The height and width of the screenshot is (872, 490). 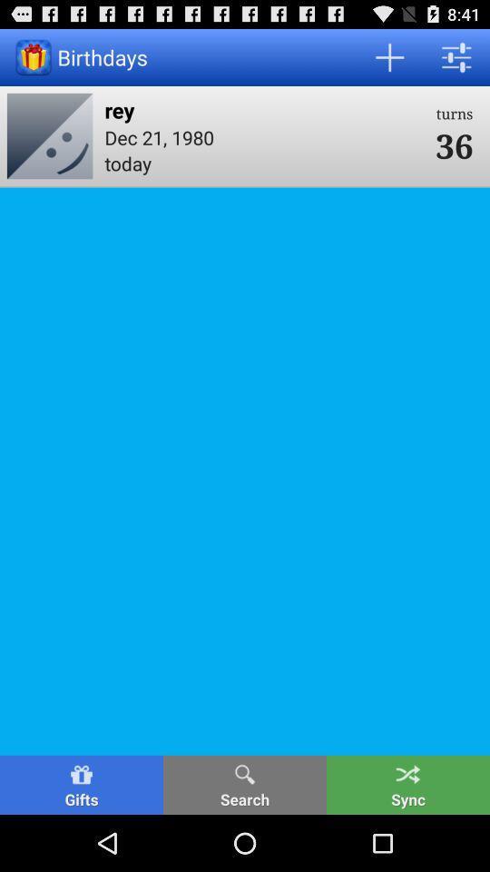 I want to click on the icon to the left of 36 icon, so click(x=263, y=109).